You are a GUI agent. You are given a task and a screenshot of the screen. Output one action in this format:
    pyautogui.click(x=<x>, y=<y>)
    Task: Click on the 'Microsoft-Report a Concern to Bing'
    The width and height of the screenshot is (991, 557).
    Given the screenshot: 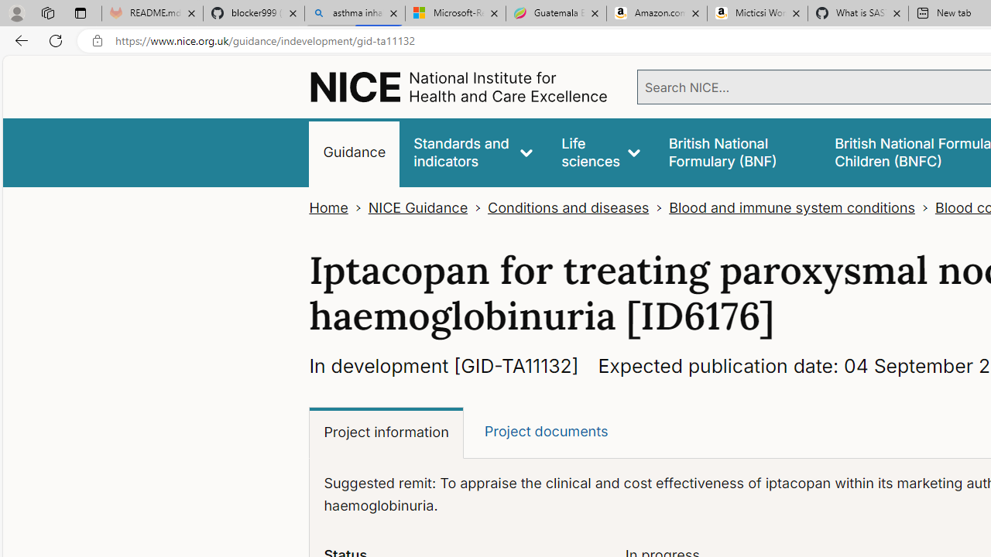 What is the action you would take?
    pyautogui.click(x=454, y=13)
    